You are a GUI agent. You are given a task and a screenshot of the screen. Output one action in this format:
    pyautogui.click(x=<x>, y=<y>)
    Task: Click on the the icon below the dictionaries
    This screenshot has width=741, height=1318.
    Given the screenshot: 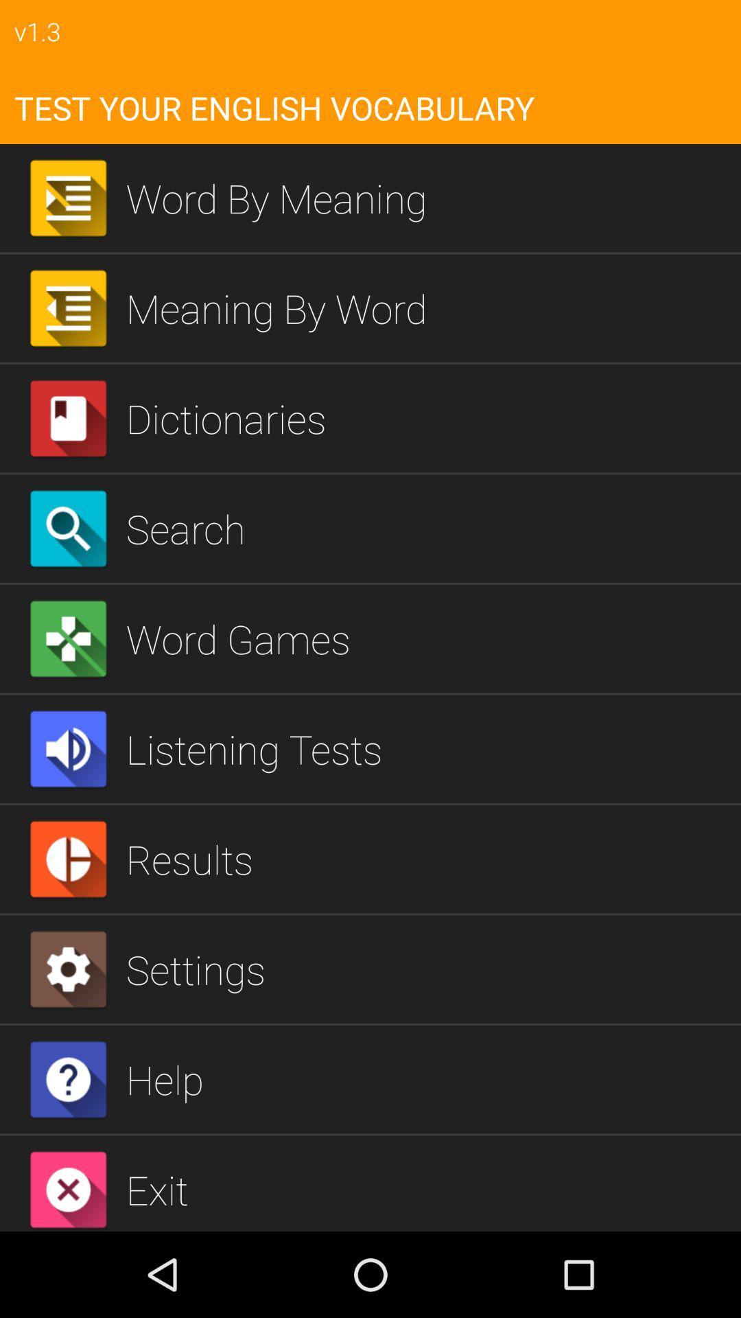 What is the action you would take?
    pyautogui.click(x=427, y=528)
    